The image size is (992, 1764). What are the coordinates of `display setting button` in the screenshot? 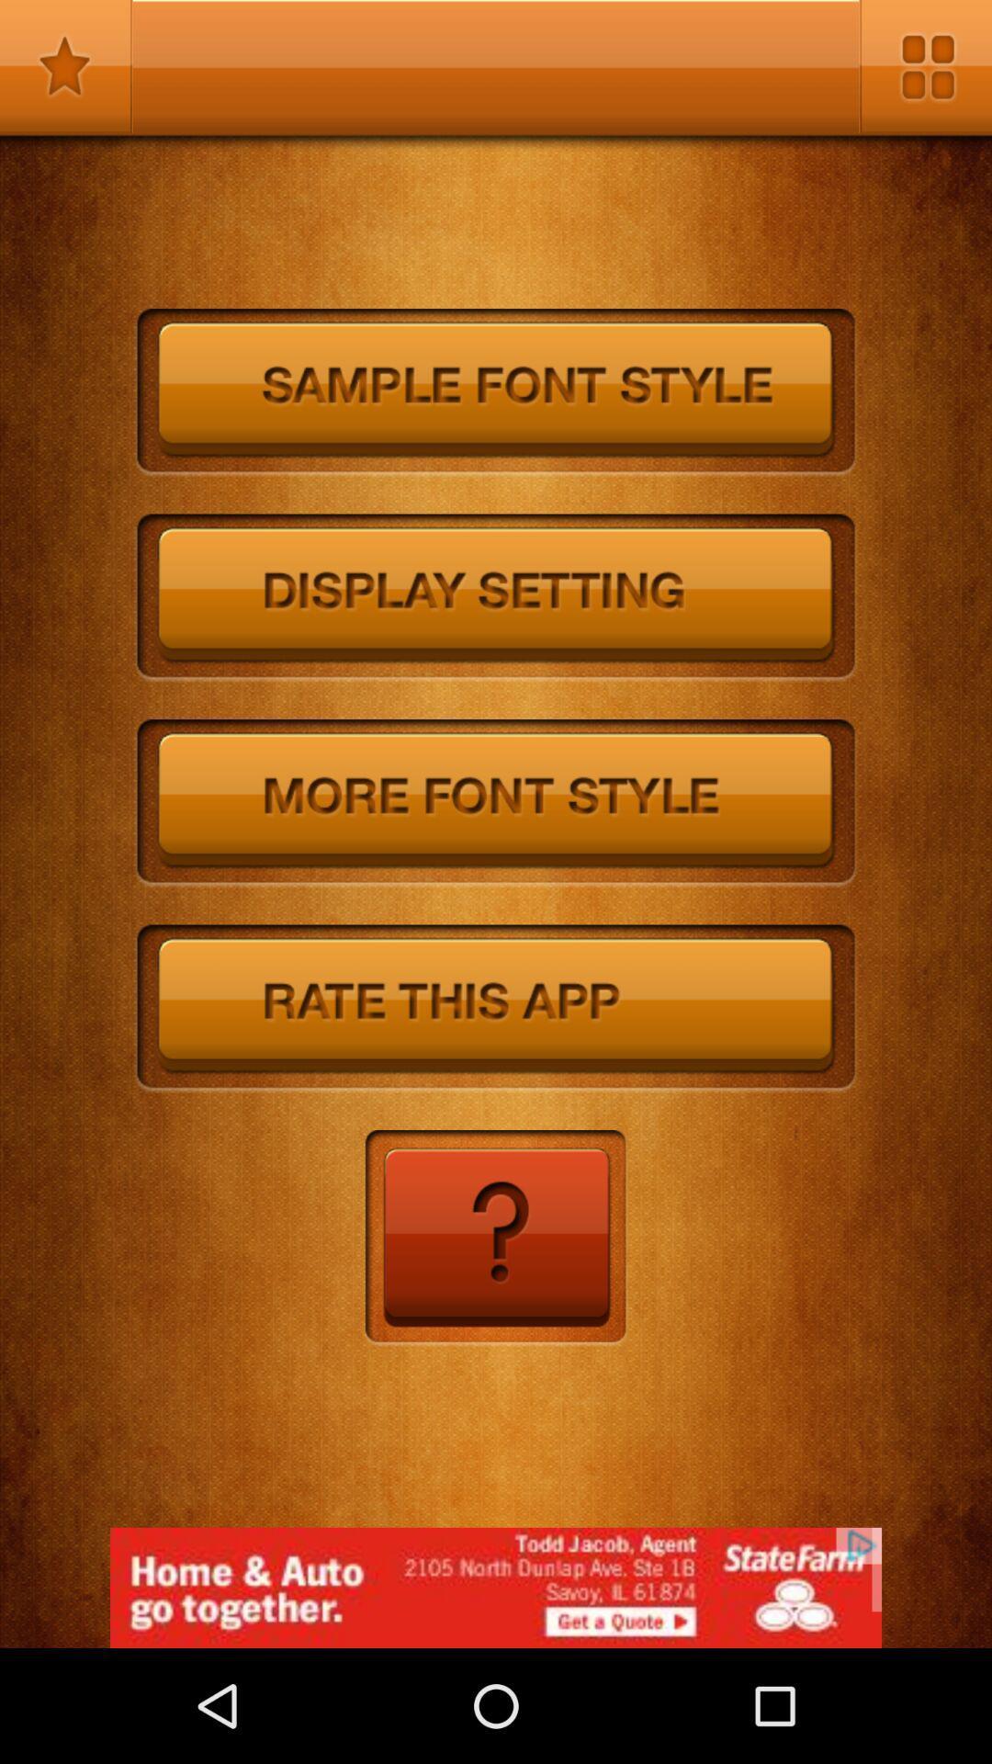 It's located at (496, 598).